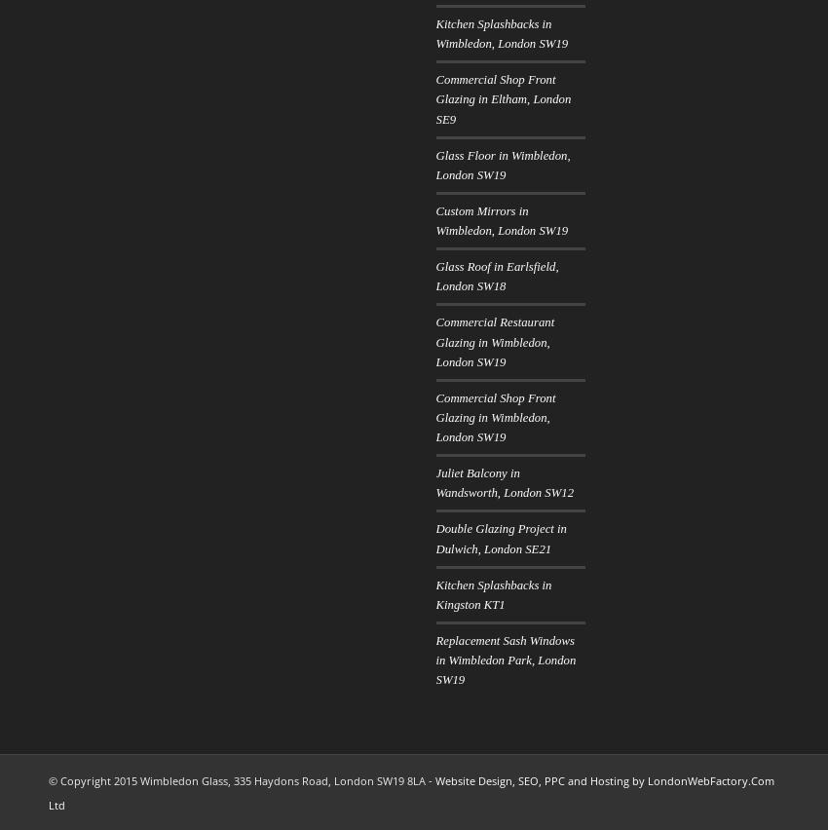 Image resolution: width=828 pixels, height=830 pixels. What do you see at coordinates (501, 33) in the screenshot?
I see `'Kitchen Splashbacks in Wimbledon, London SW19'` at bounding box center [501, 33].